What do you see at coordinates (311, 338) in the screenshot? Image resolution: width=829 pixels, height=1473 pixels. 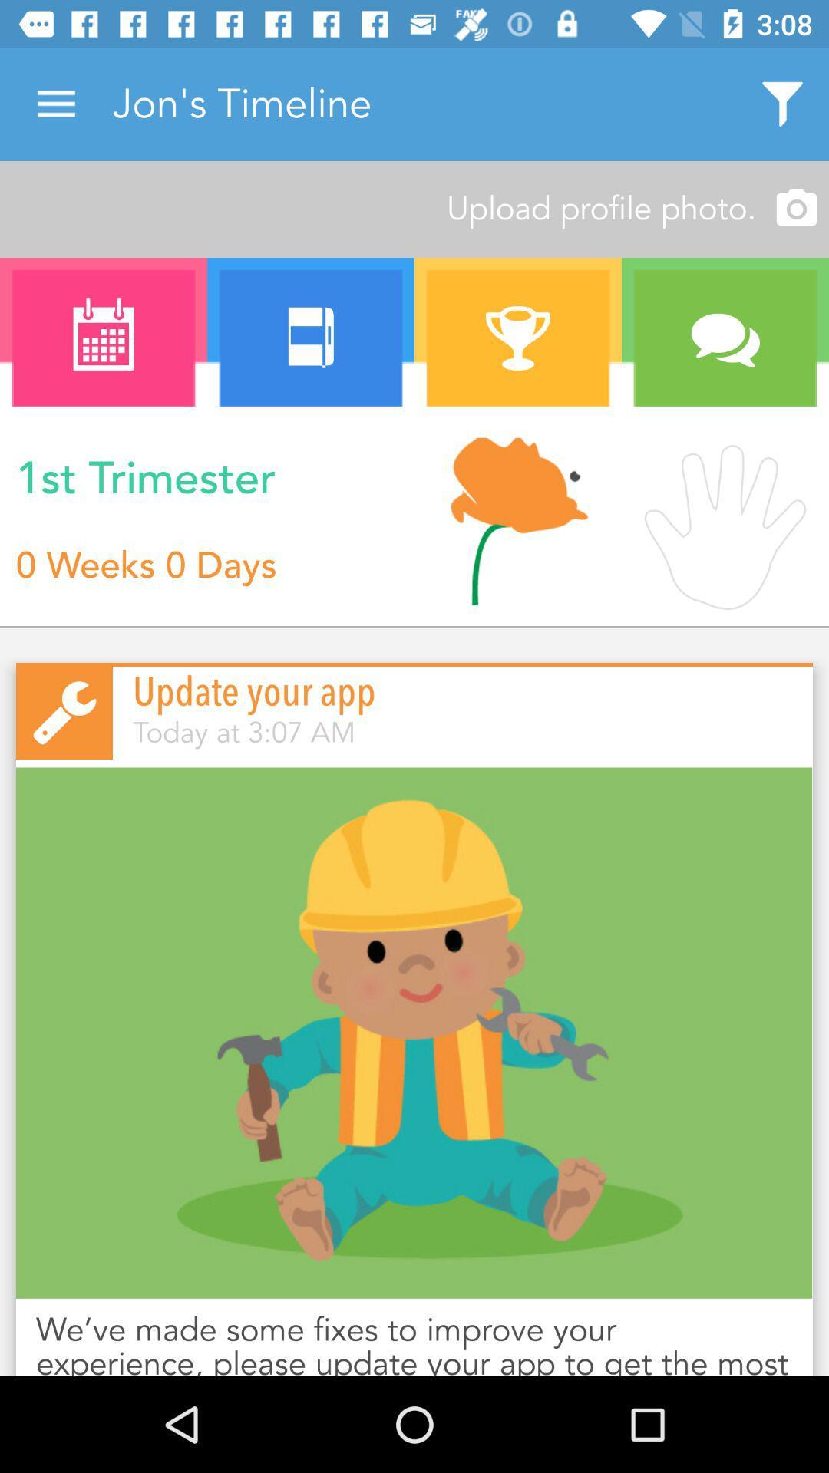 I see `the item below upload profile photo. item` at bounding box center [311, 338].